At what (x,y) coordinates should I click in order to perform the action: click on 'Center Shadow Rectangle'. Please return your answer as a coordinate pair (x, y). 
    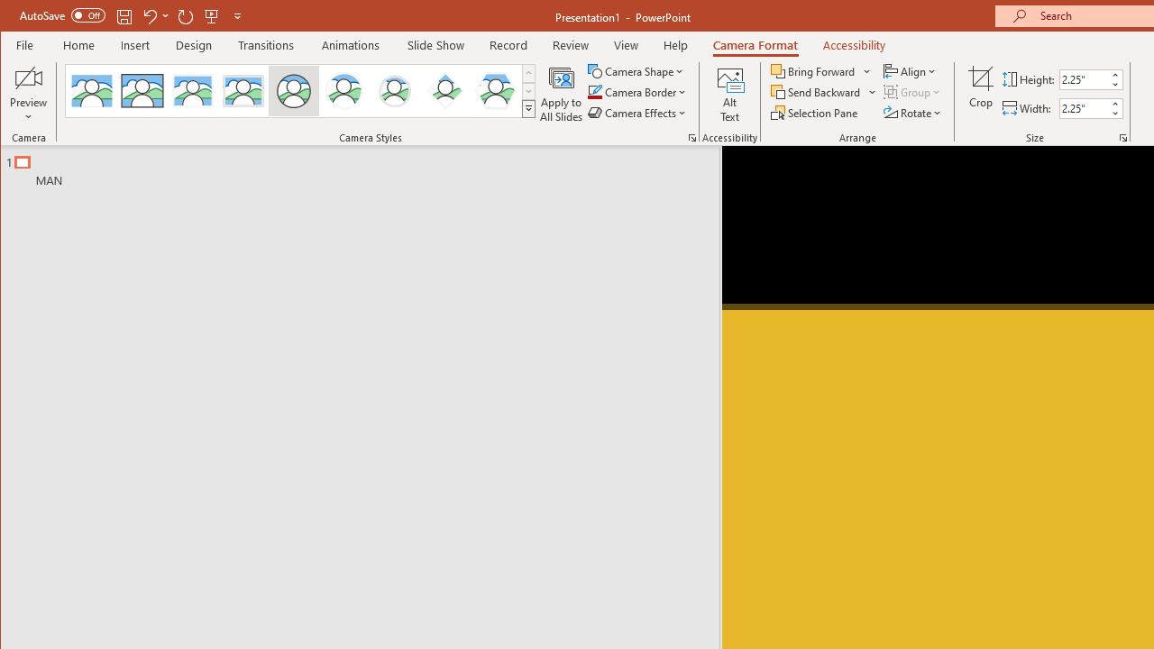
    Looking at the image, I should click on (192, 90).